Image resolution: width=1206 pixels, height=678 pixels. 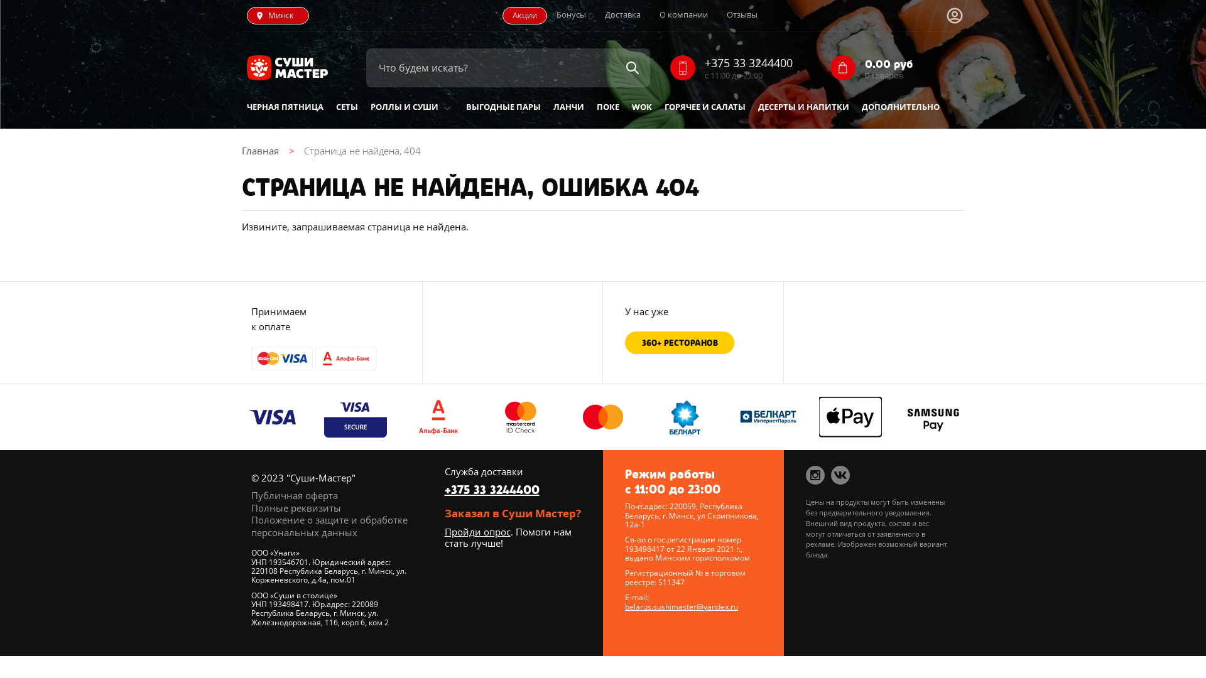 What do you see at coordinates (642, 106) in the screenshot?
I see `'WOK'` at bounding box center [642, 106].